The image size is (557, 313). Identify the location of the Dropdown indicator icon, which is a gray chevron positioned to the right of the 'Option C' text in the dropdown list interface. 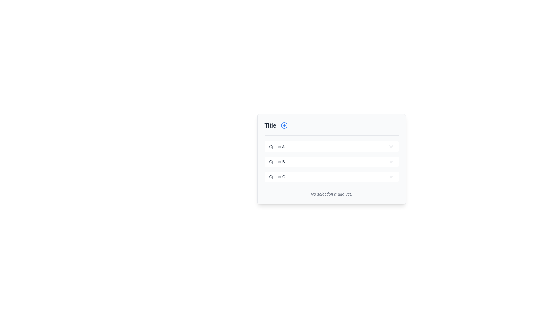
(391, 176).